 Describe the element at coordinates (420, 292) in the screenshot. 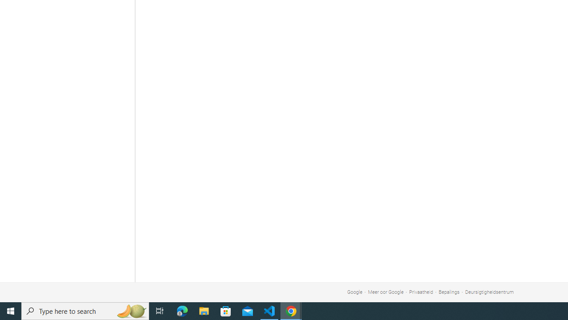

I see `'Privaatheid'` at that location.